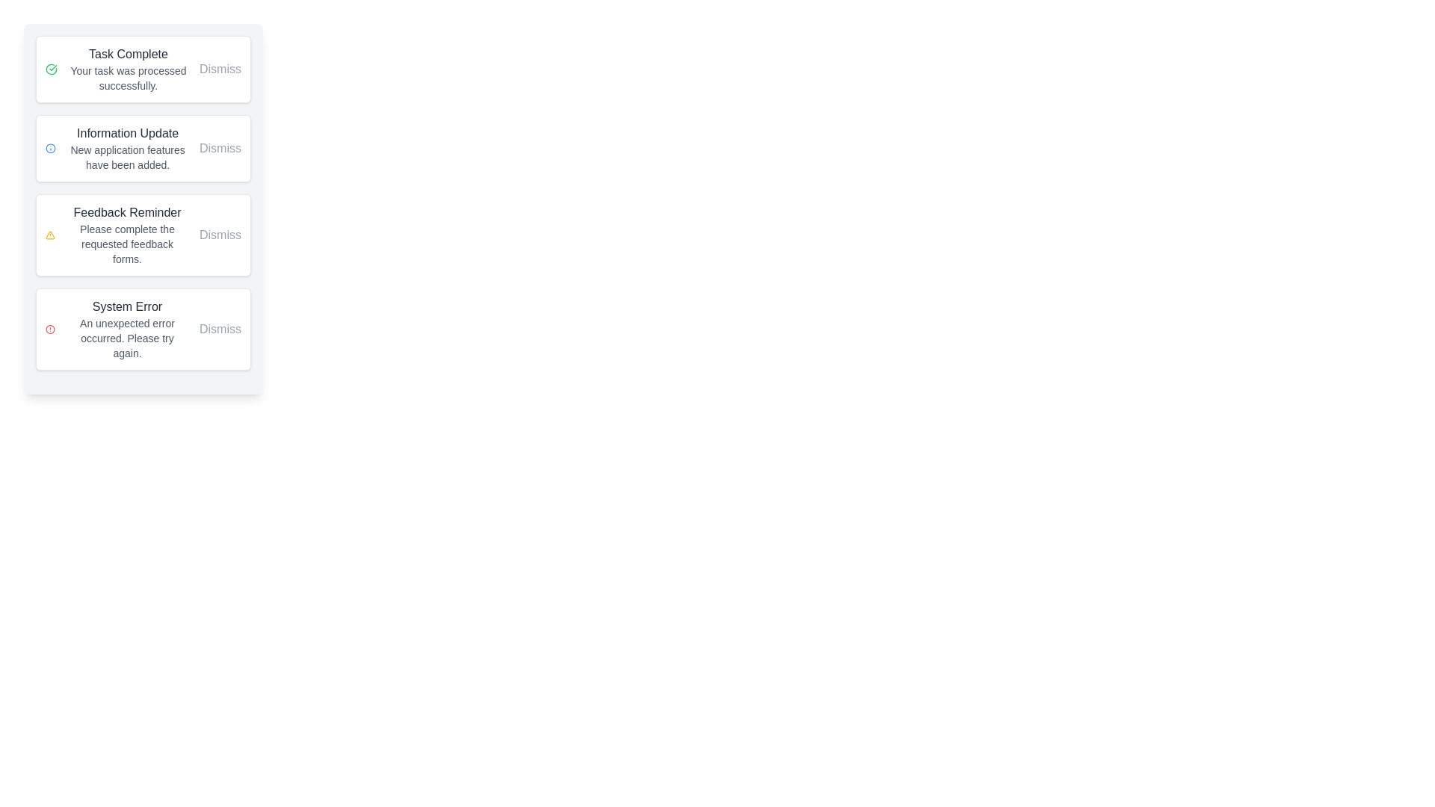 Image resolution: width=1435 pixels, height=807 pixels. I want to click on Text label which serves as the title or heading for a specific notification, located above the message 'New application features have been added.', so click(128, 132).